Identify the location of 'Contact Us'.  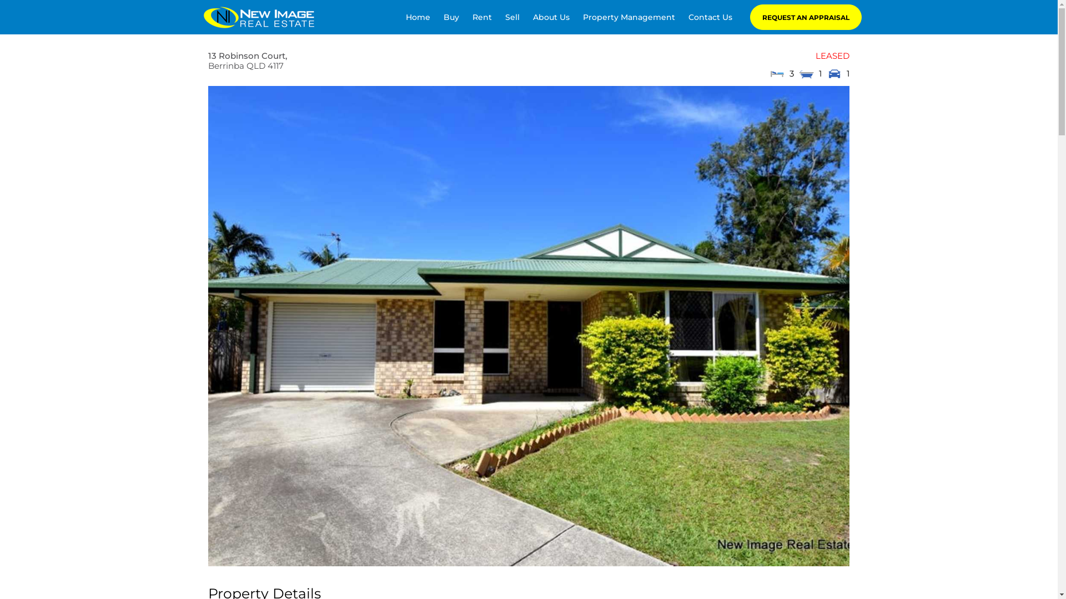
(710, 17).